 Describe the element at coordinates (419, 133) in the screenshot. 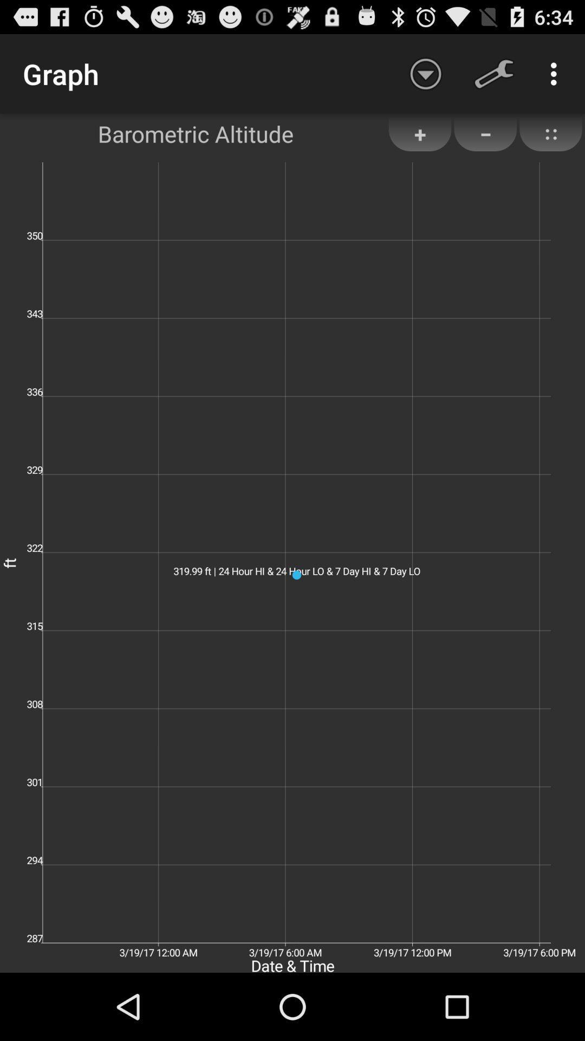

I see `the item next to the barometric altitude app` at that location.